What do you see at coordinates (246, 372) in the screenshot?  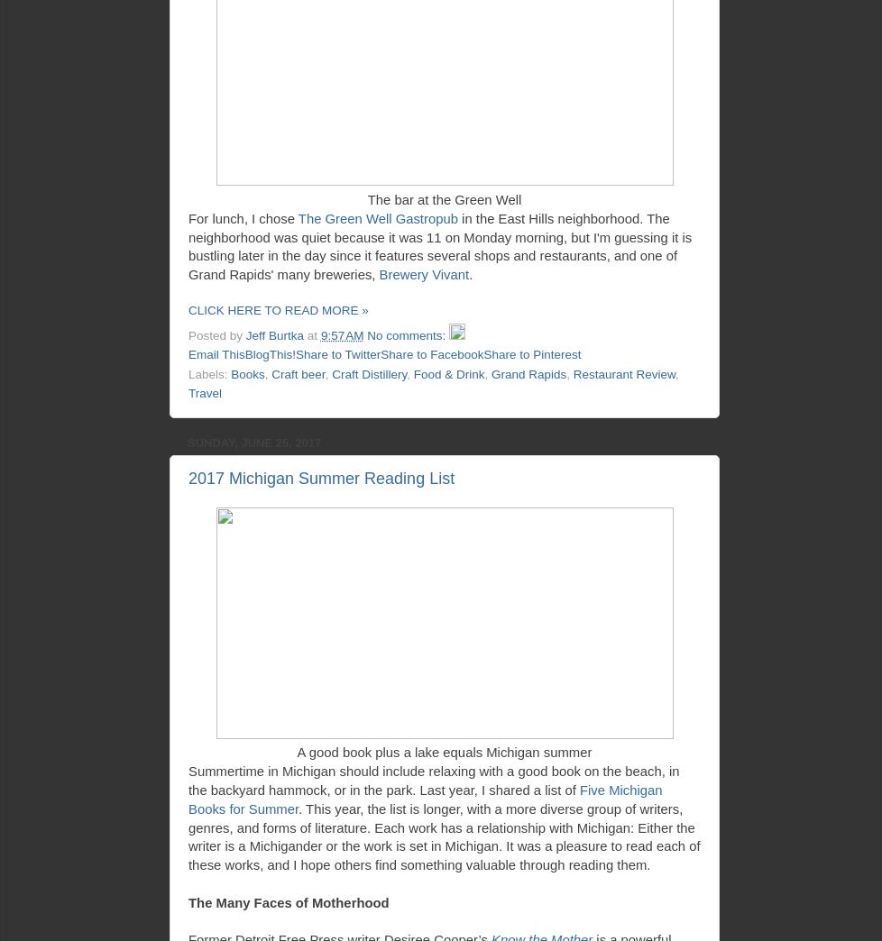 I see `'Books'` at bounding box center [246, 372].